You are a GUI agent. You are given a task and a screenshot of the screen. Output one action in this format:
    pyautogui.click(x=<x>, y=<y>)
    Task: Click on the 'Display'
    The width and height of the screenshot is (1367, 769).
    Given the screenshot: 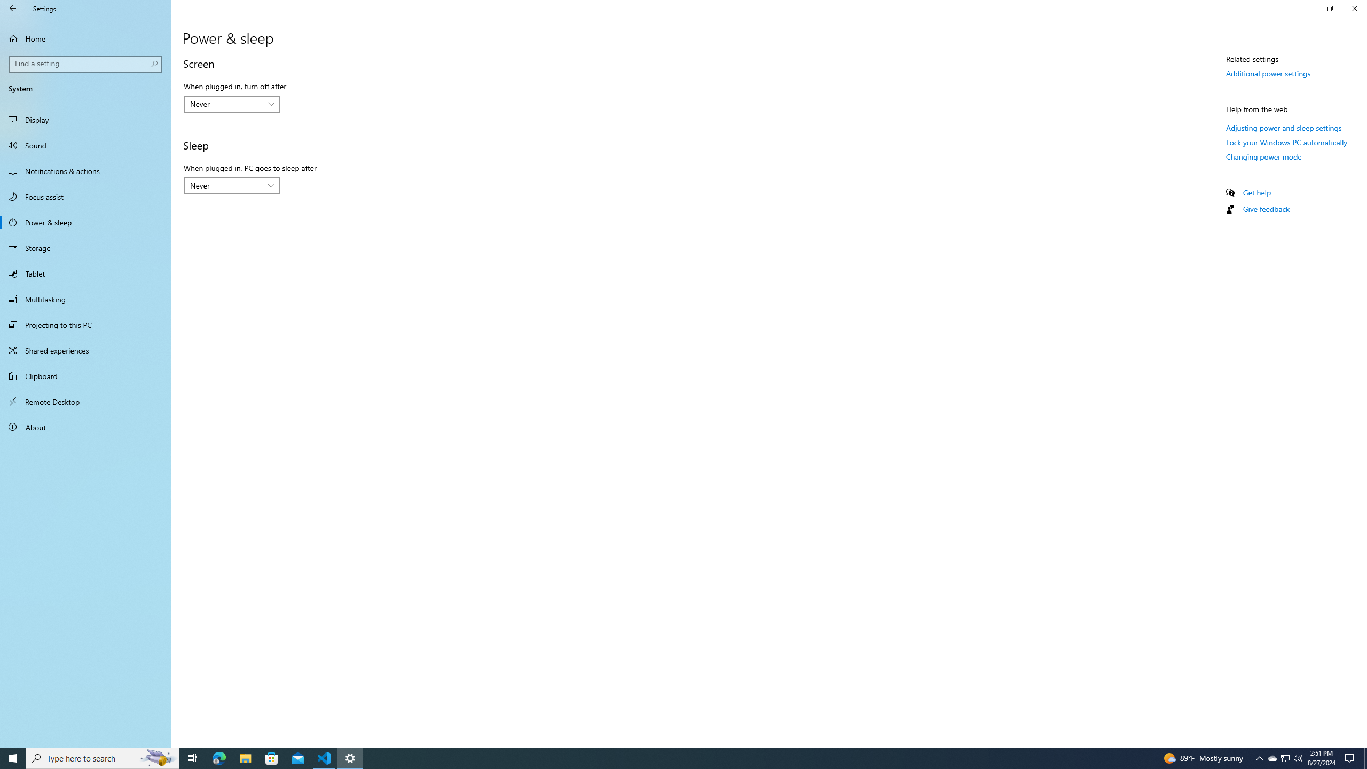 What is the action you would take?
    pyautogui.click(x=85, y=119)
    